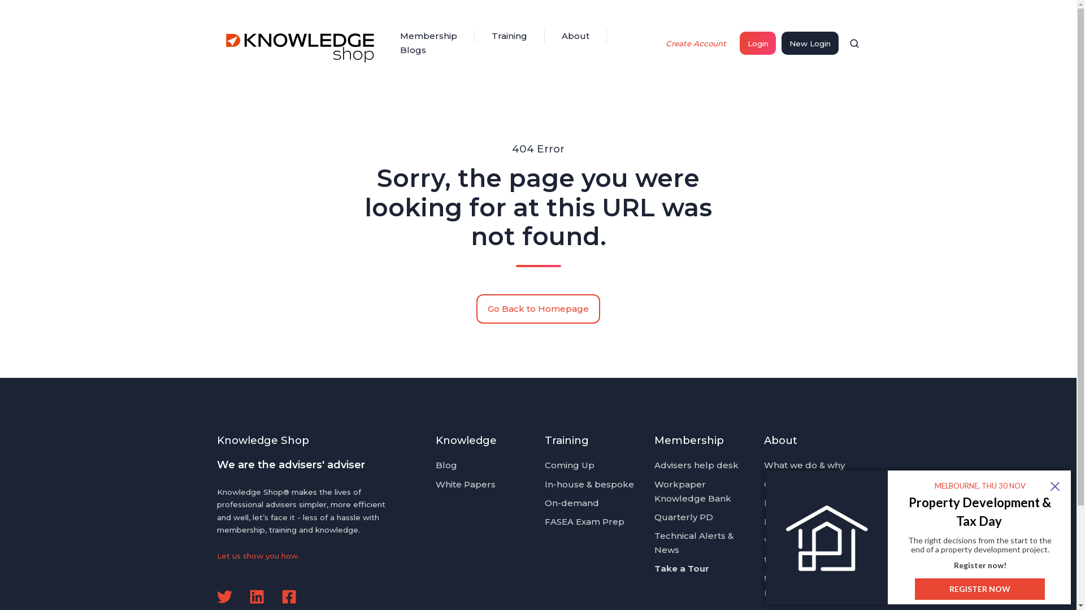  Describe the element at coordinates (466, 483) in the screenshot. I see `'White Papers'` at that location.